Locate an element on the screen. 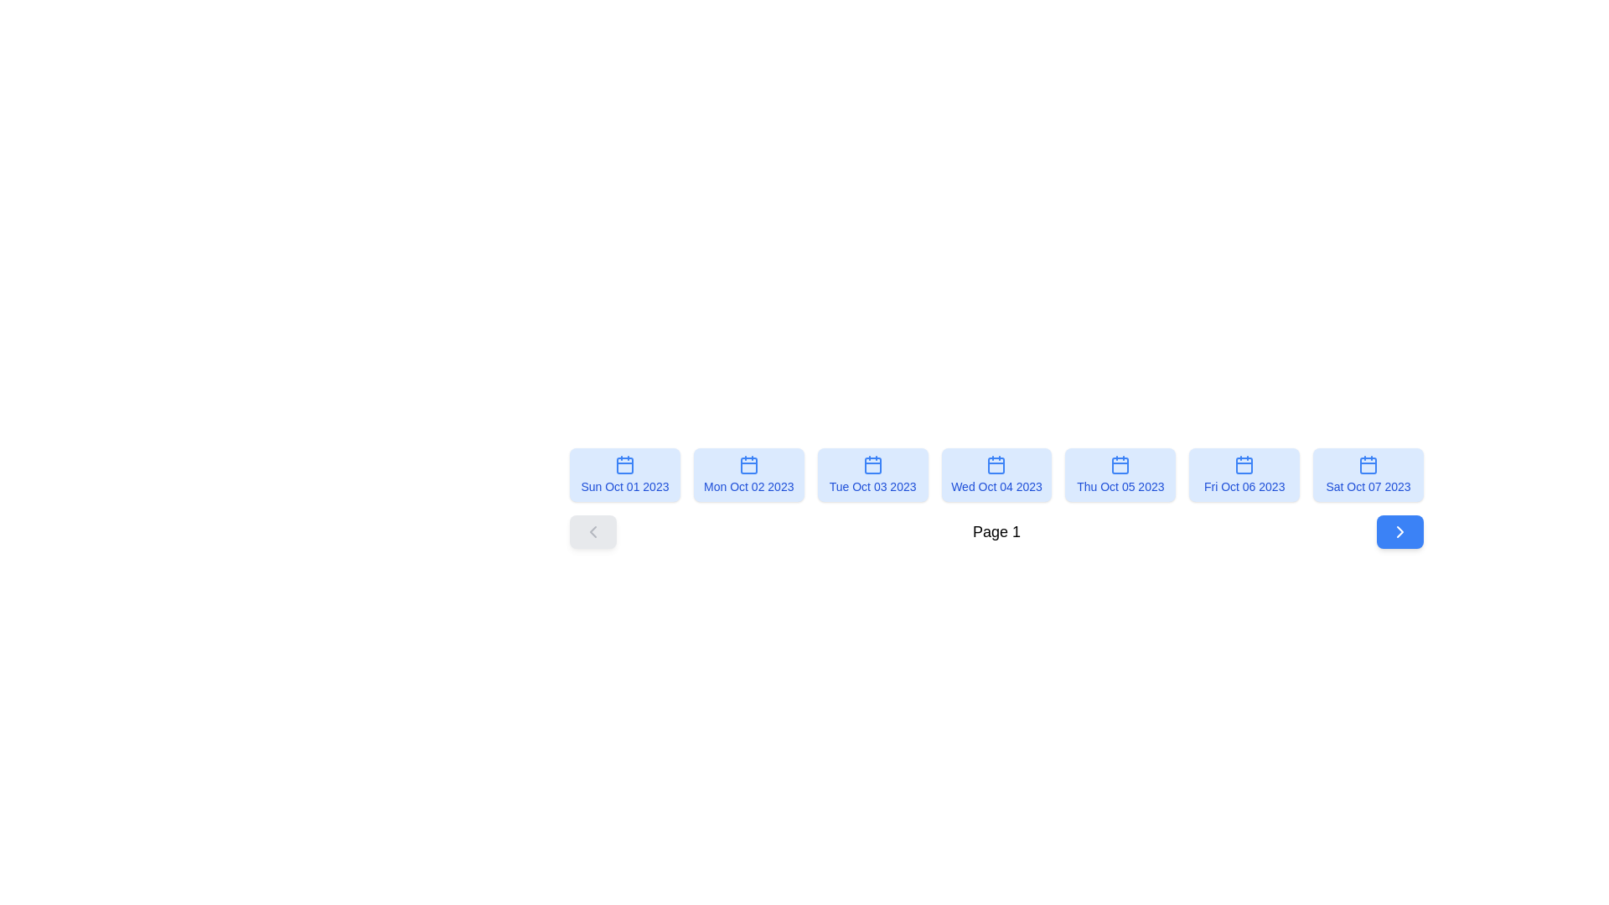  the calendar icon that represents the date 'Mon Oct 02 2023', which is the second icon in a horizontally-aligned list of date items is located at coordinates (748, 465).